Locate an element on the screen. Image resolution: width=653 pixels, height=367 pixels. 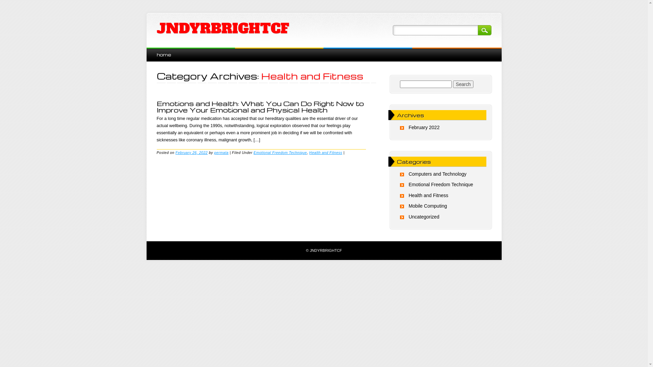
'February 26, 2022' is located at coordinates (175, 152).